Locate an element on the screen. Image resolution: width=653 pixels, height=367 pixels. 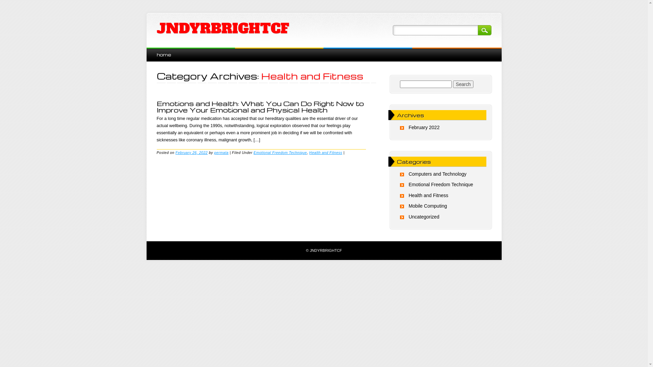
'February 26, 2022' is located at coordinates (175, 152).